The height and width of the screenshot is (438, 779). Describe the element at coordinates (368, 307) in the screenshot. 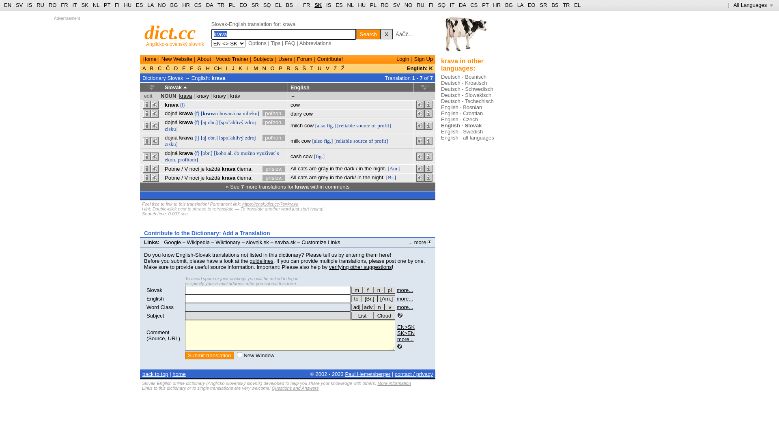

I see `'adv'` at that location.